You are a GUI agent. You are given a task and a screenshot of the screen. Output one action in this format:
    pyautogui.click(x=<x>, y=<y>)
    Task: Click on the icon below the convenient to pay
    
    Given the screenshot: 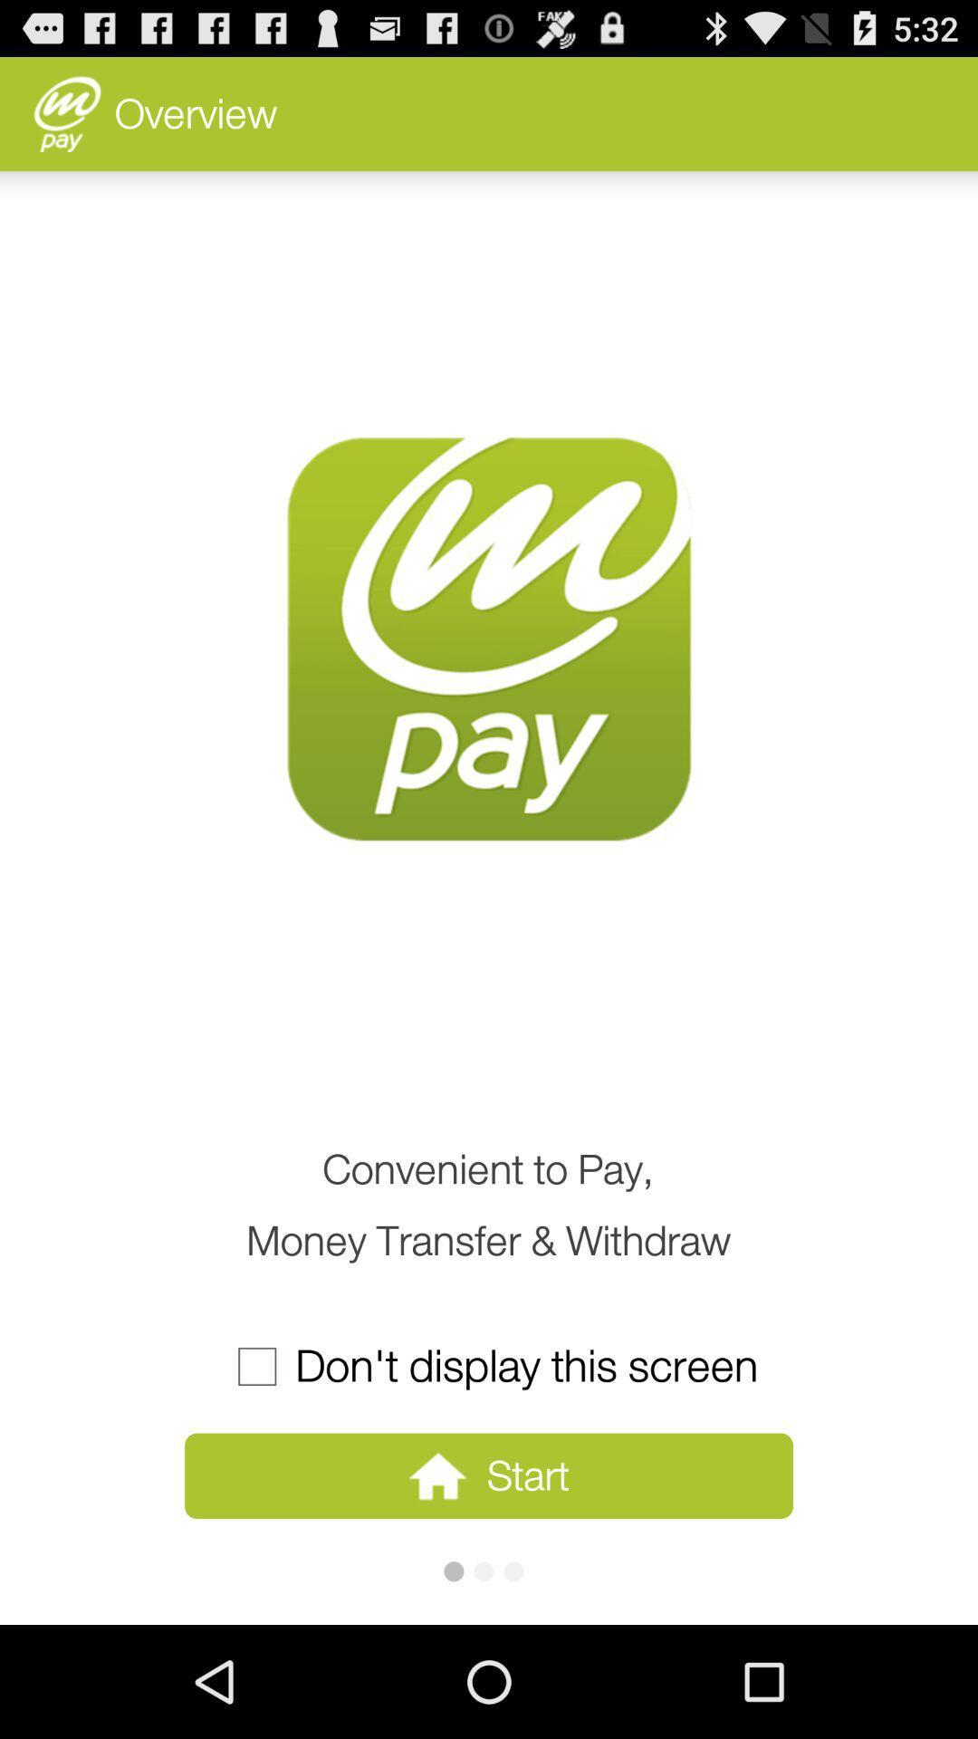 What is the action you would take?
    pyautogui.click(x=487, y=1366)
    